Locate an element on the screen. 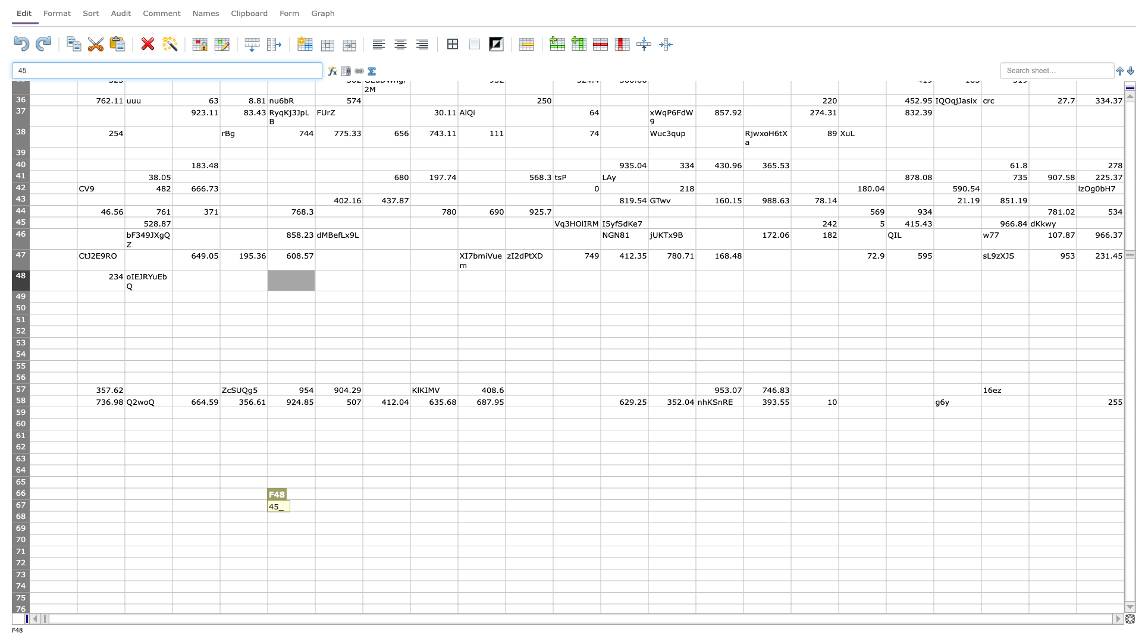  Southeast corner of cell I68 is located at coordinates (457, 522).